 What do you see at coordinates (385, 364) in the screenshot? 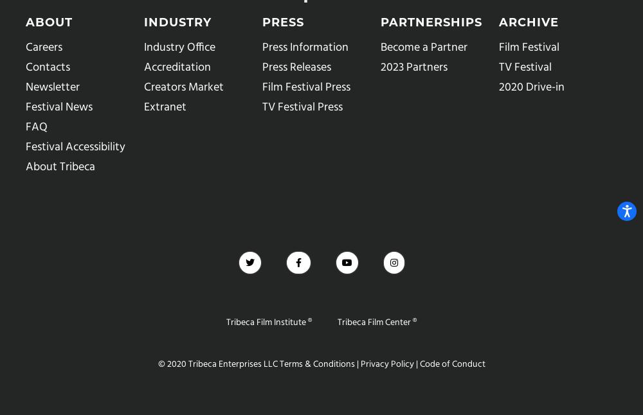
I see `'Privacy Policy'` at bounding box center [385, 364].